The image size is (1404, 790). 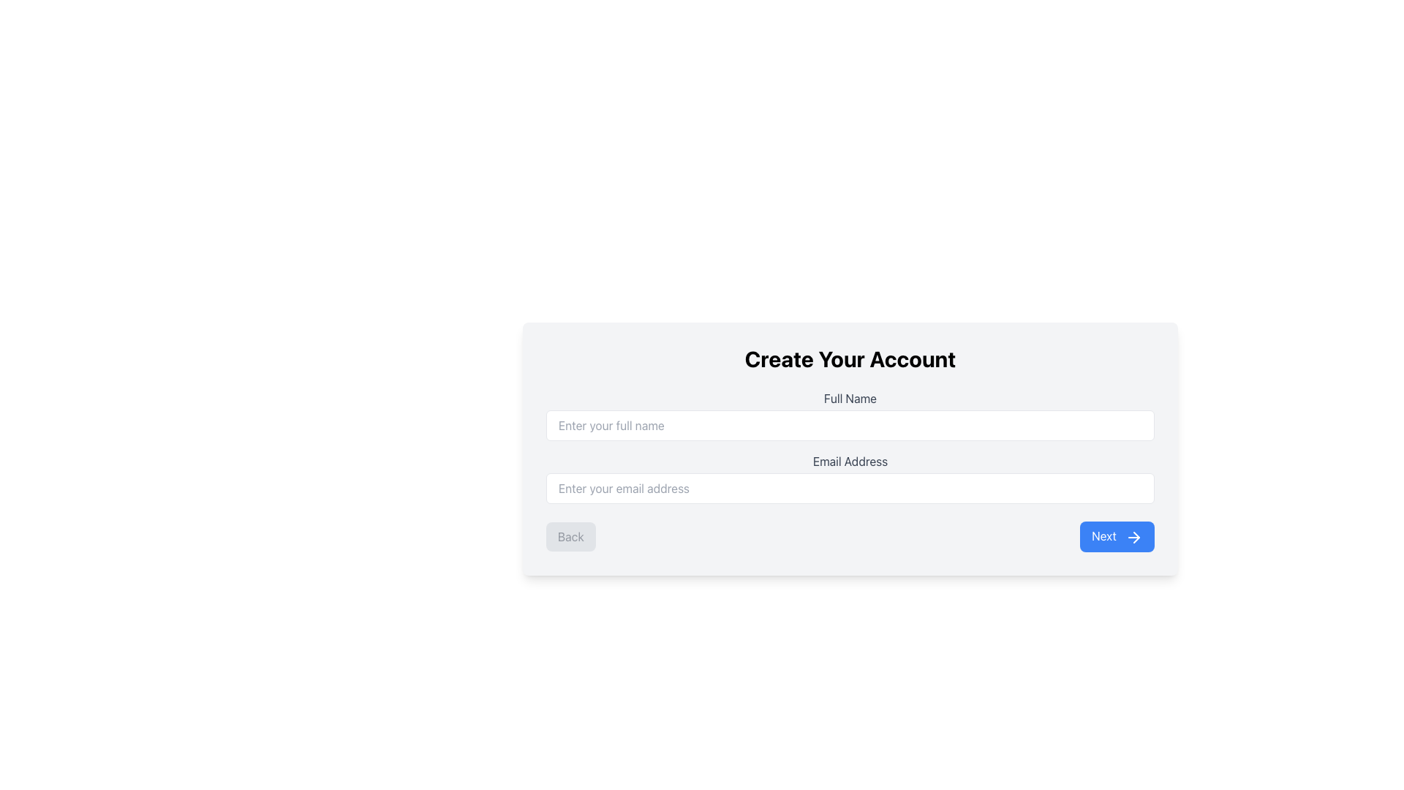 What do you see at coordinates (570, 536) in the screenshot?
I see `the 'Back' button, which is a rectangular button with rounded corners, gray background, and gray text, located at the bottom left of the form` at bounding box center [570, 536].